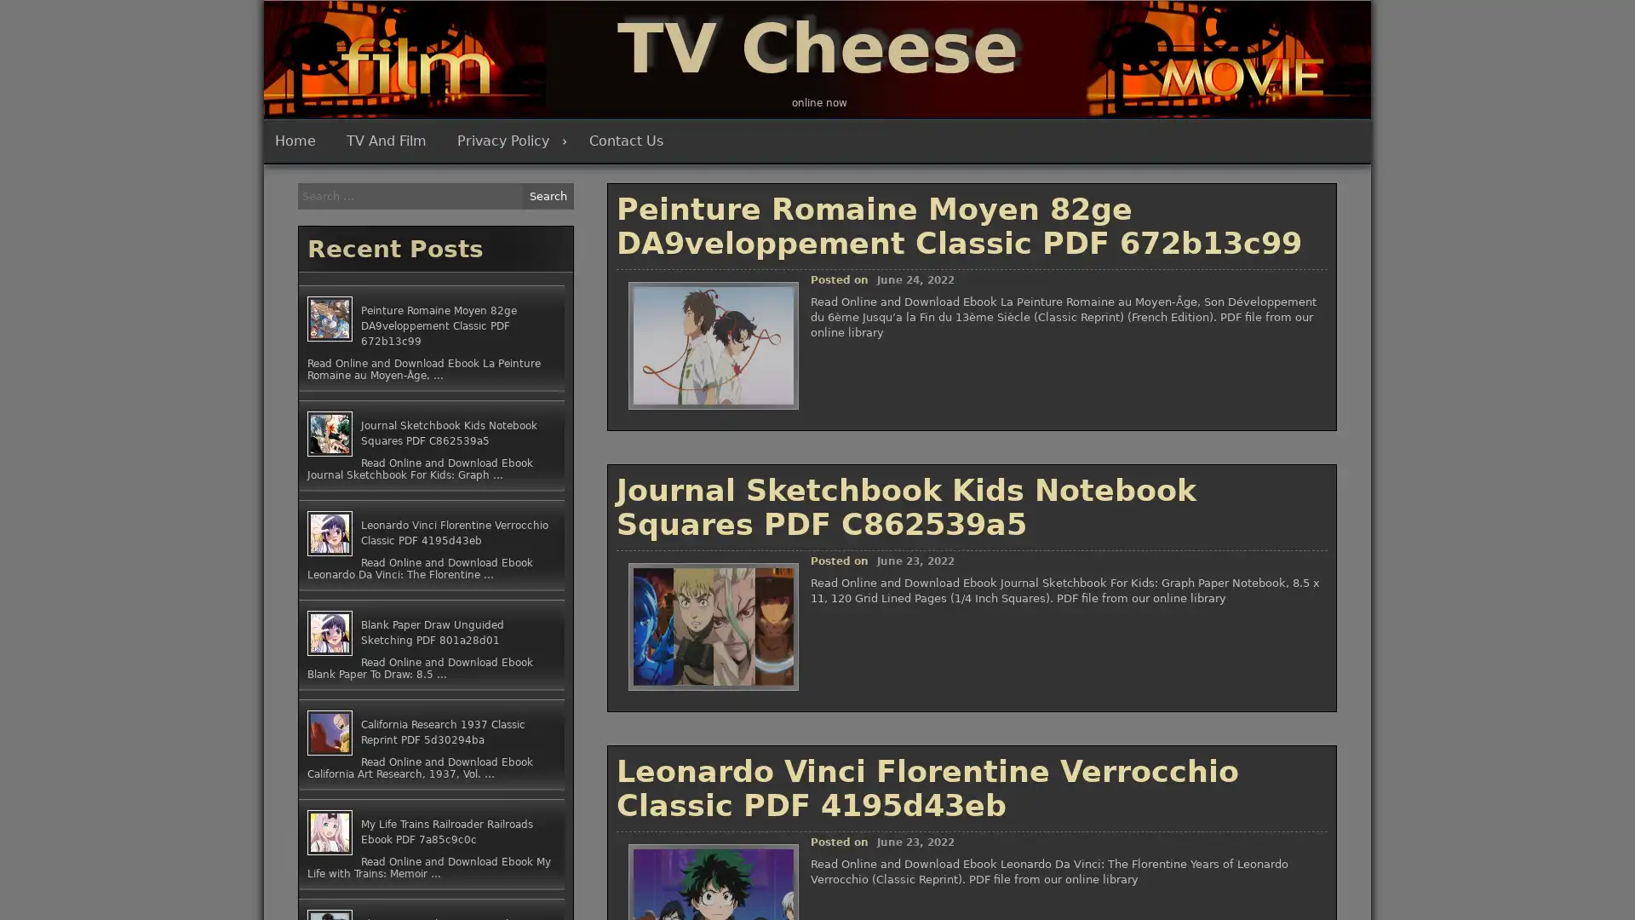 The width and height of the screenshot is (1635, 920). I want to click on Search, so click(548, 195).